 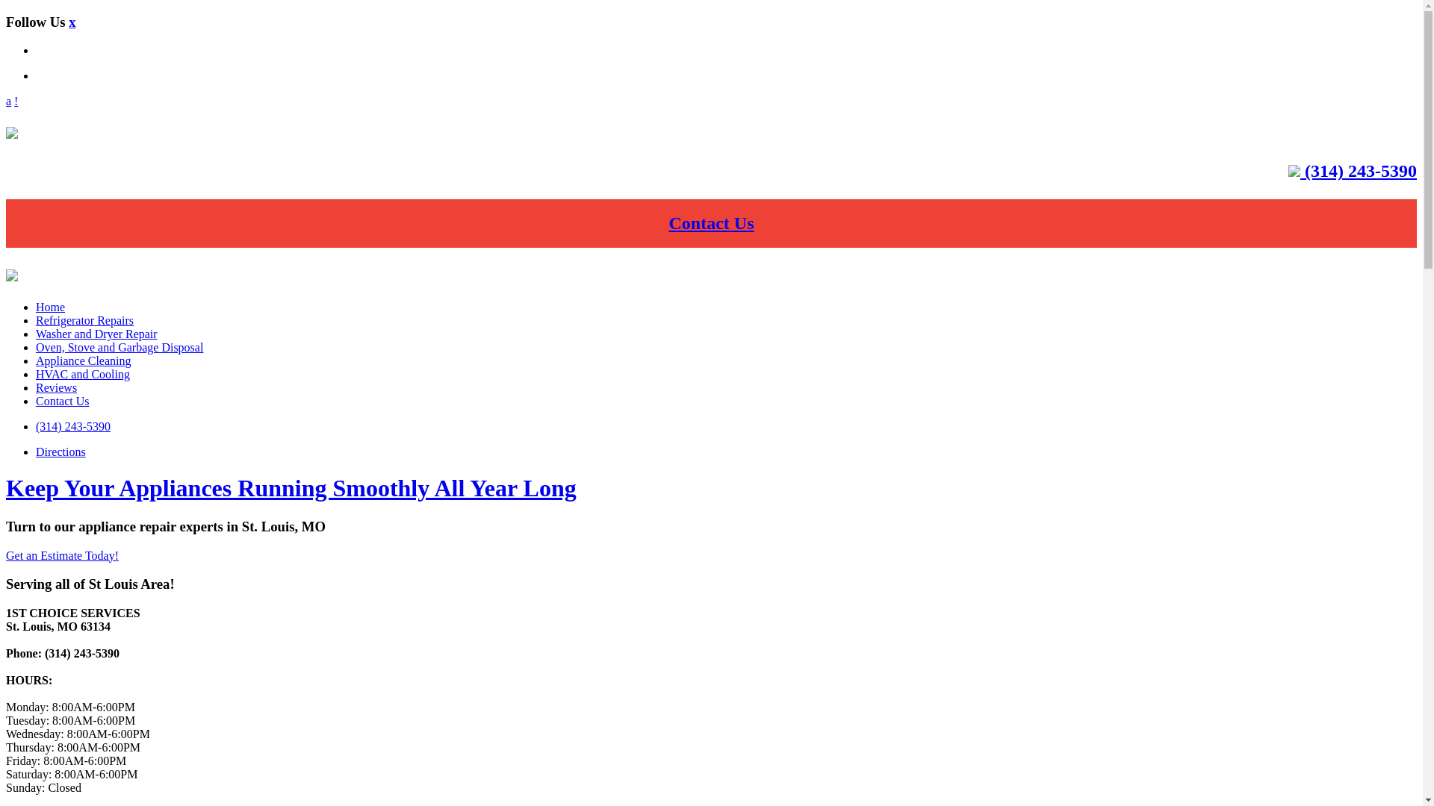 I want to click on 'Oven, Stove and Garbage Disposal', so click(x=118, y=347).